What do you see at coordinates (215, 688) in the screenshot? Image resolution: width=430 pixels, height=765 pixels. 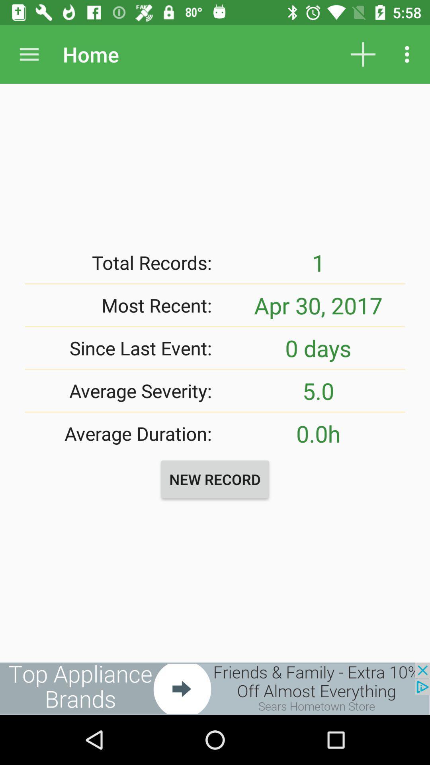 I see `see the advertisement` at bounding box center [215, 688].